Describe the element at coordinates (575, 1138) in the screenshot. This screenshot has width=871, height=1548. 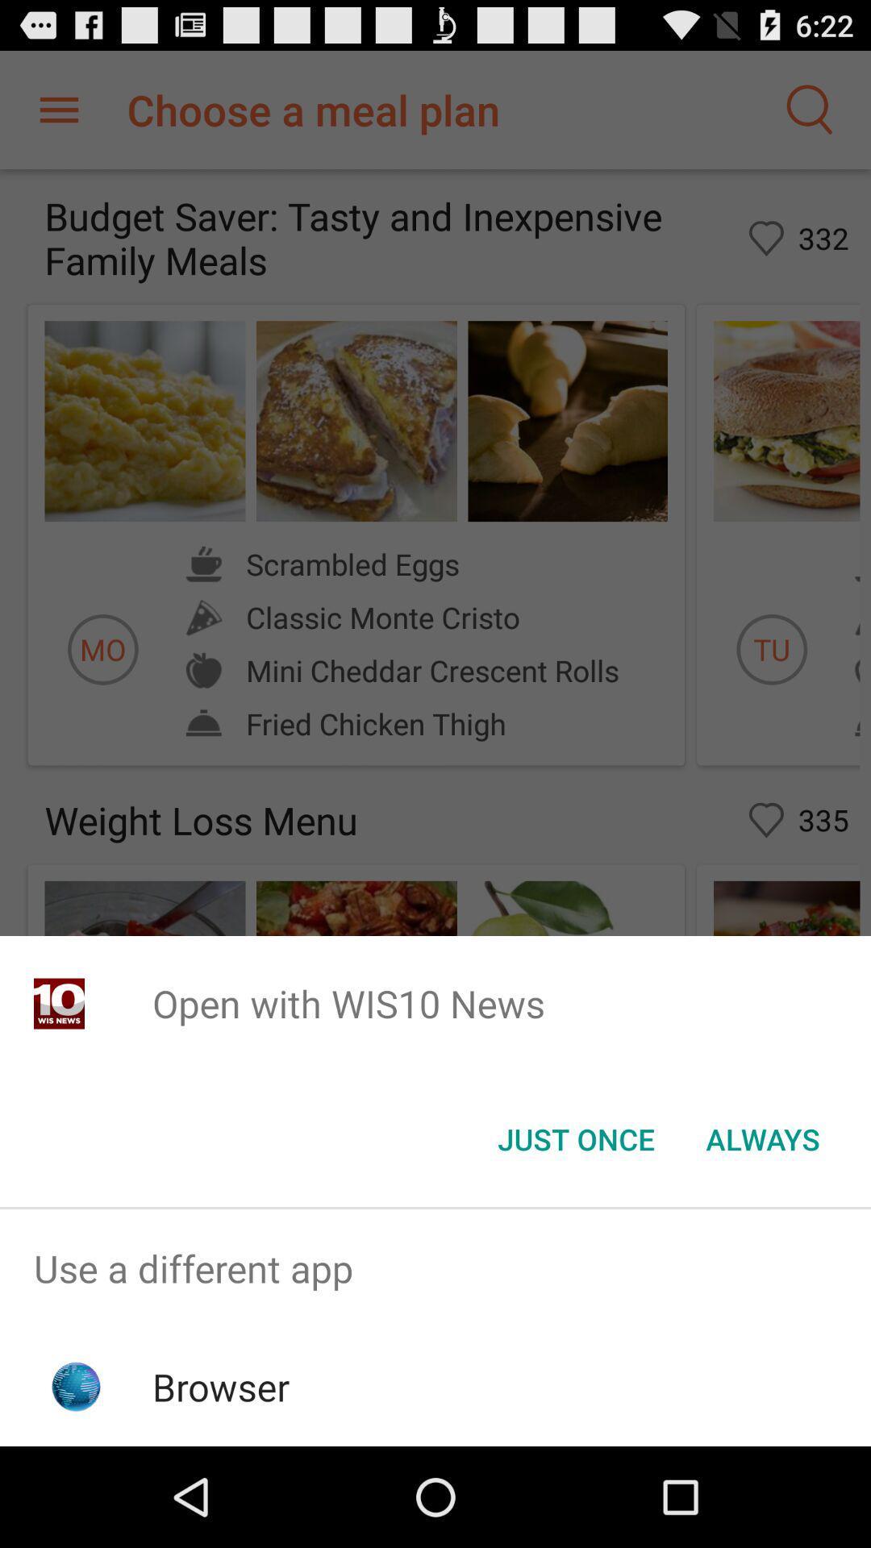
I see `the icon to the left of the always button` at that location.